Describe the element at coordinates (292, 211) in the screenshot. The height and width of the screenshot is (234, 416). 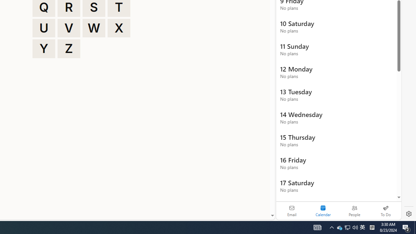
I see `'Email'` at that location.